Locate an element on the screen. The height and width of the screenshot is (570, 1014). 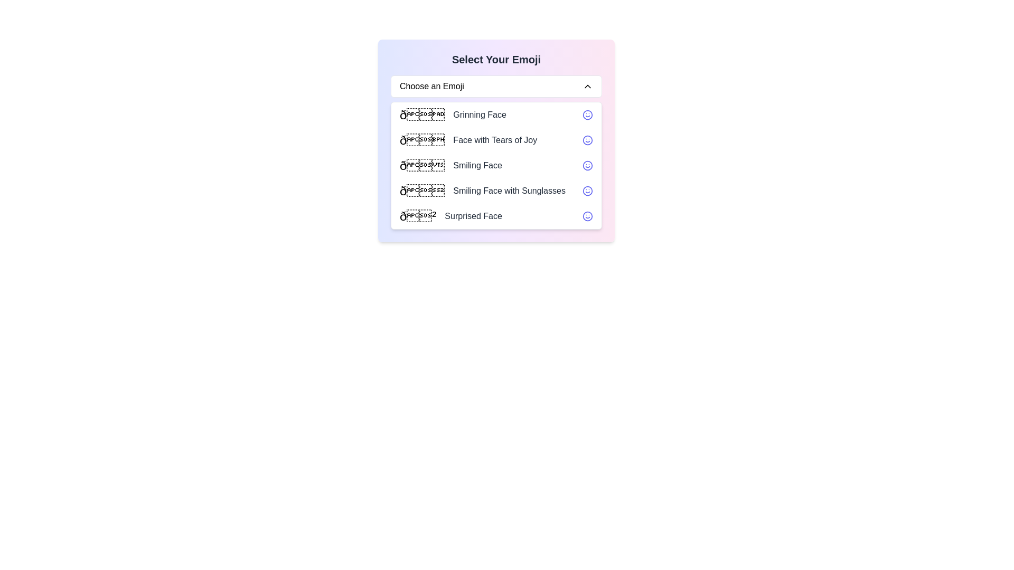
the 'Grinning Face' emoji icon is located at coordinates (421, 115).